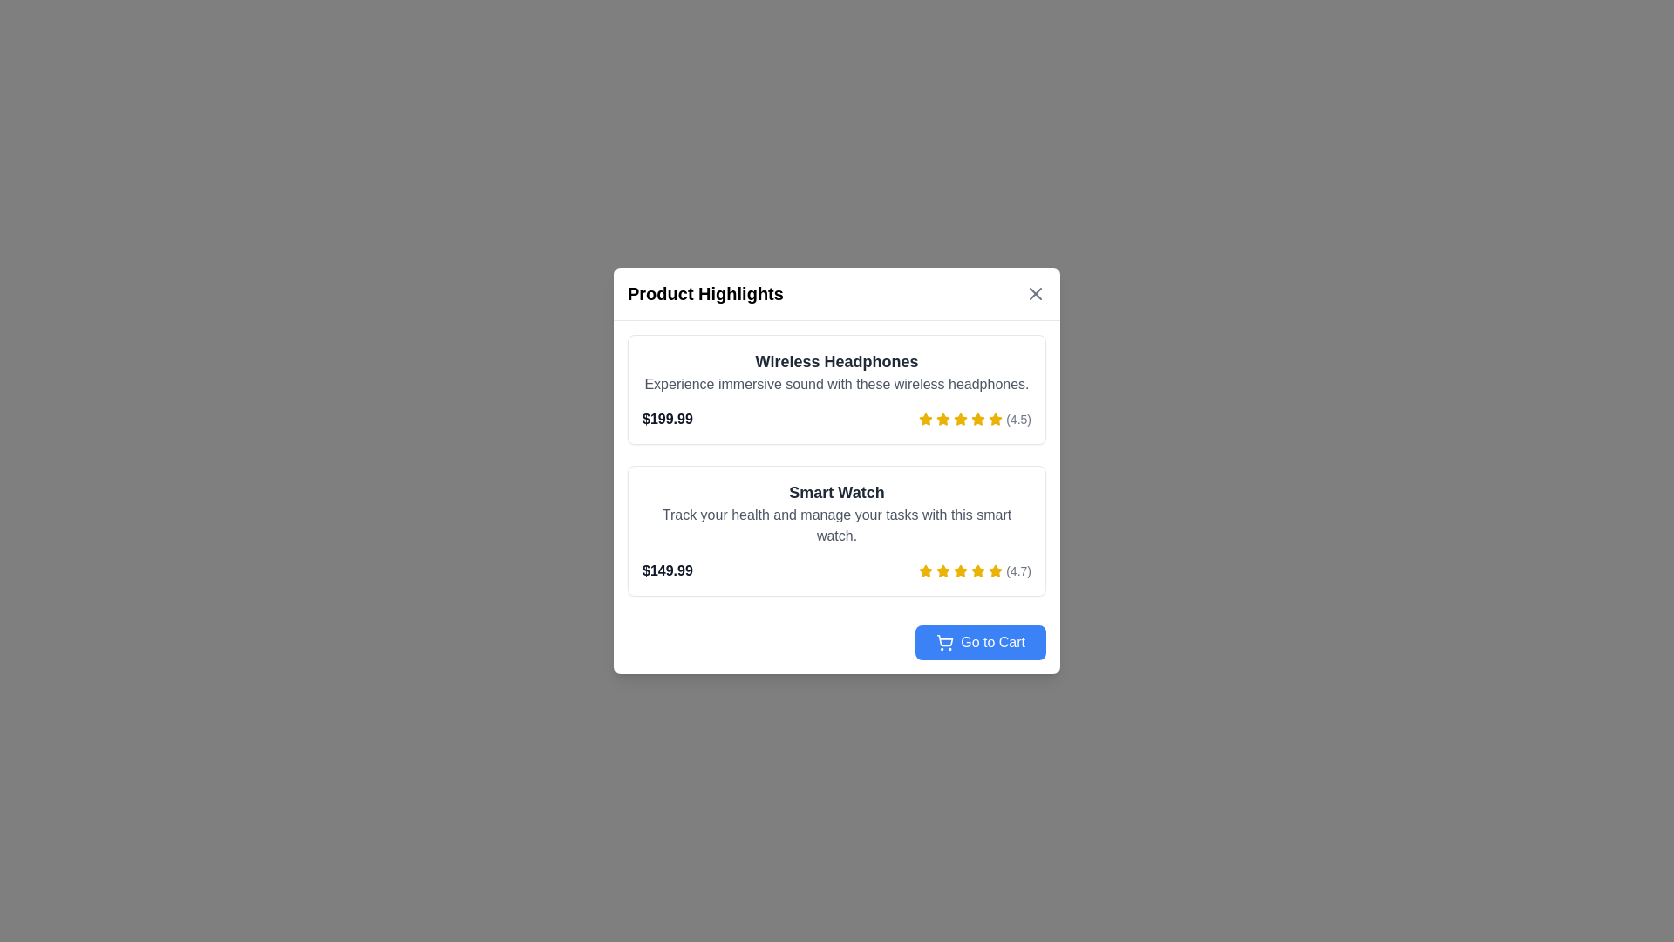 This screenshot has height=942, width=1674. I want to click on the fifth star icon representing the 4.5 rating for the 'Wireless Headphones' product, so click(978, 420).